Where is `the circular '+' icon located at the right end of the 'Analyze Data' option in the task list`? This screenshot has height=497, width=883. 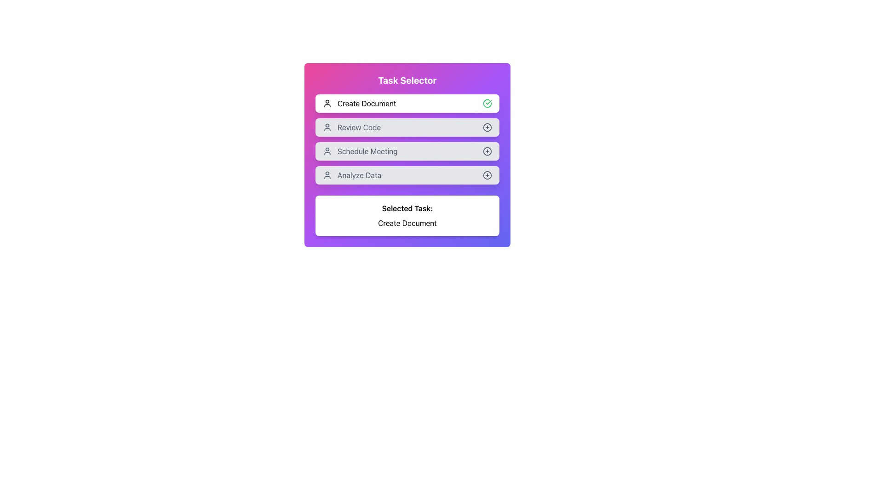
the circular '+' icon located at the right end of the 'Analyze Data' option in the task list is located at coordinates (487, 175).